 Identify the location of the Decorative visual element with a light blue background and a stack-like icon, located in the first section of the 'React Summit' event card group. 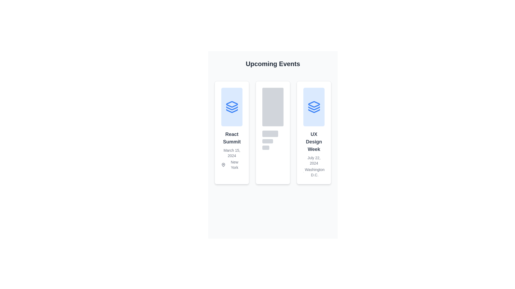
(232, 107).